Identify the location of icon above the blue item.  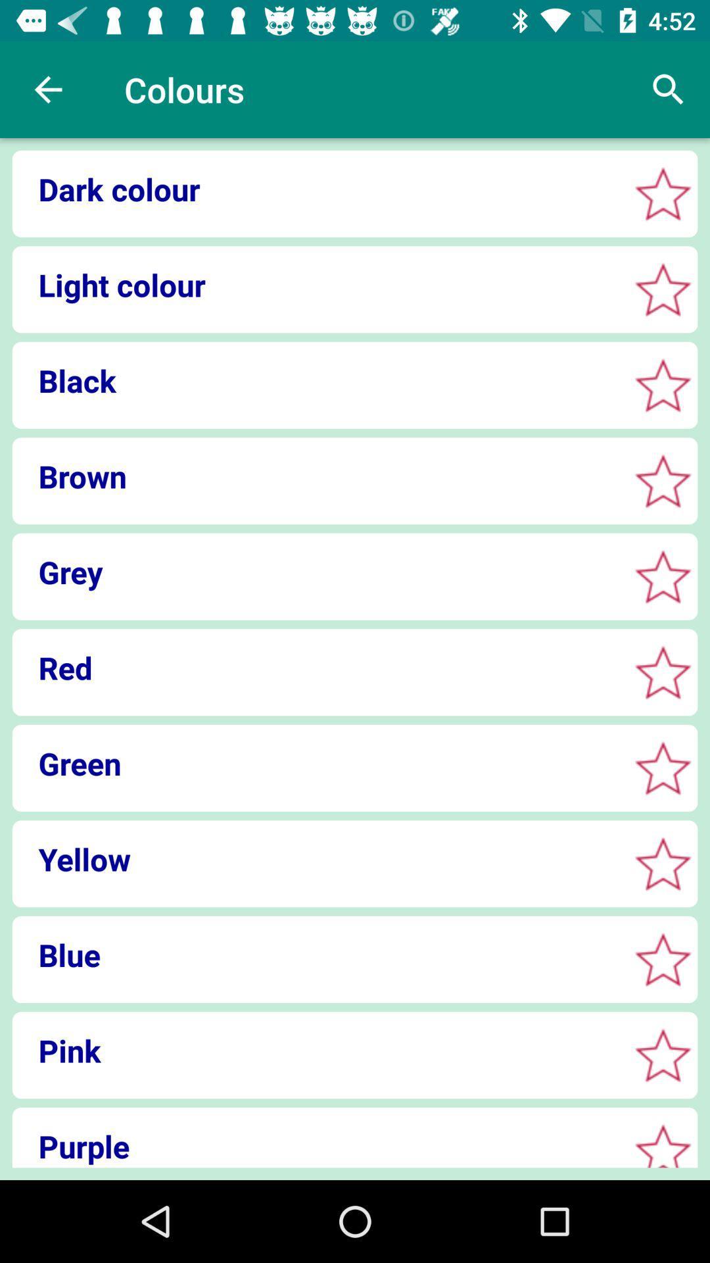
(316, 859).